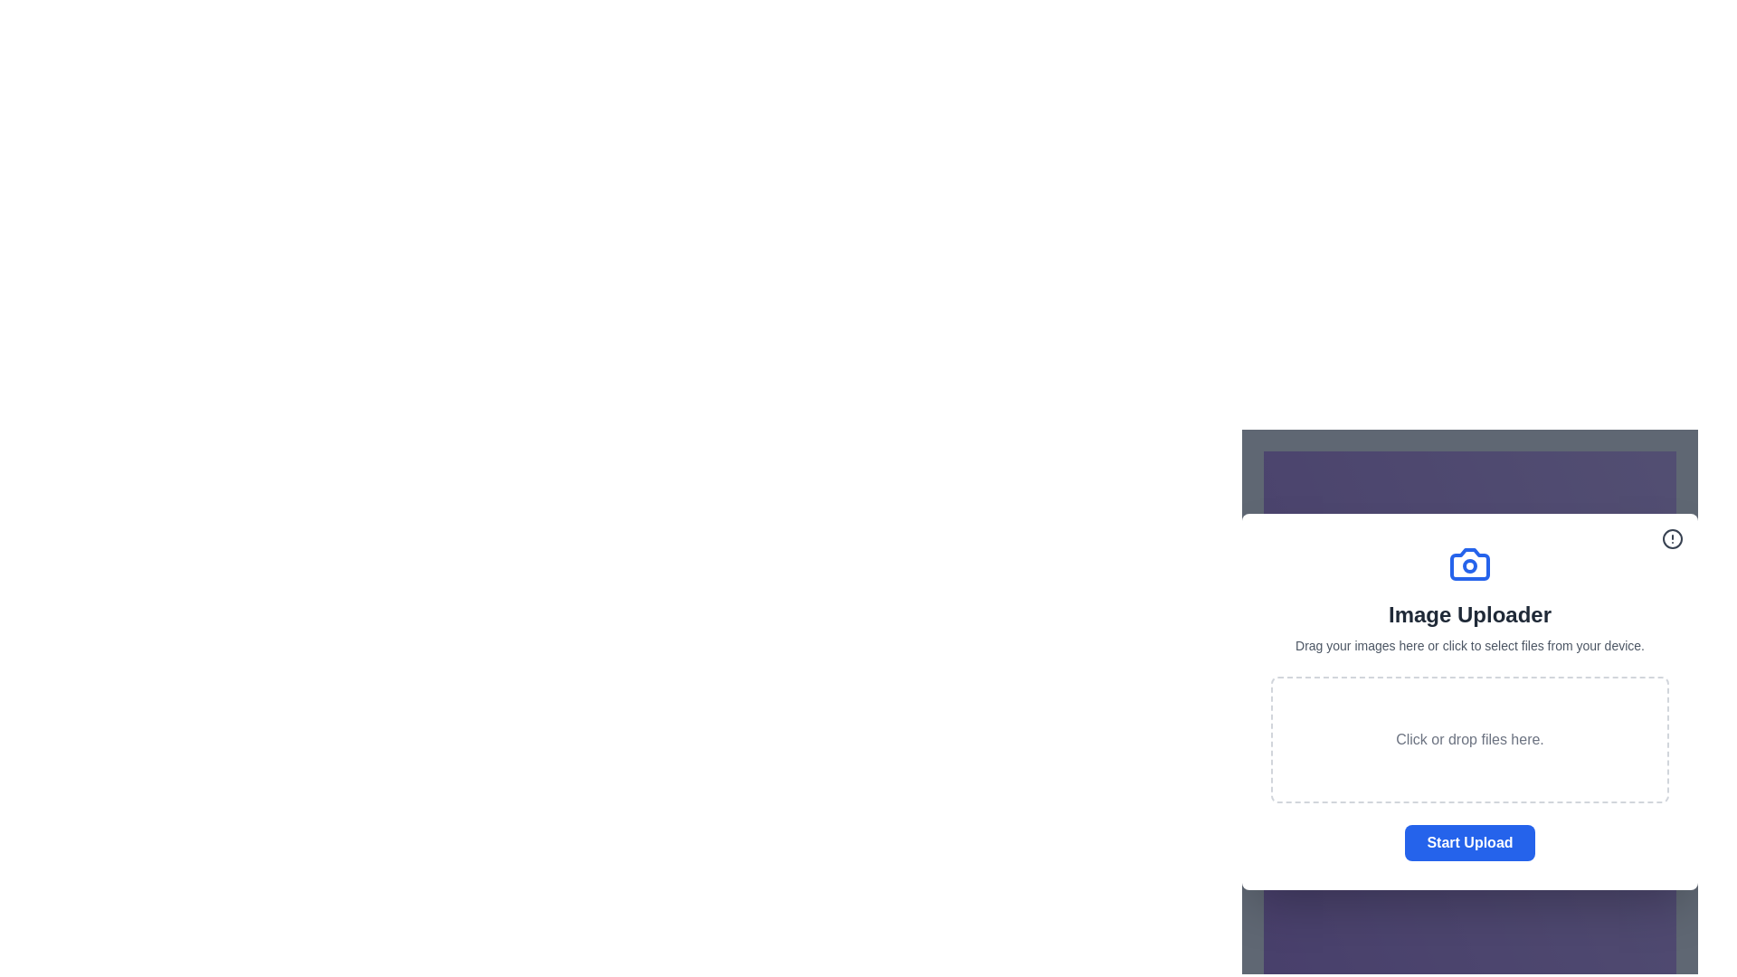 The width and height of the screenshot is (1737, 977). What do you see at coordinates (1470, 564) in the screenshot?
I see `the camera icon located centrally within the image uploader UI section, above the label 'Image Uploader.'` at bounding box center [1470, 564].